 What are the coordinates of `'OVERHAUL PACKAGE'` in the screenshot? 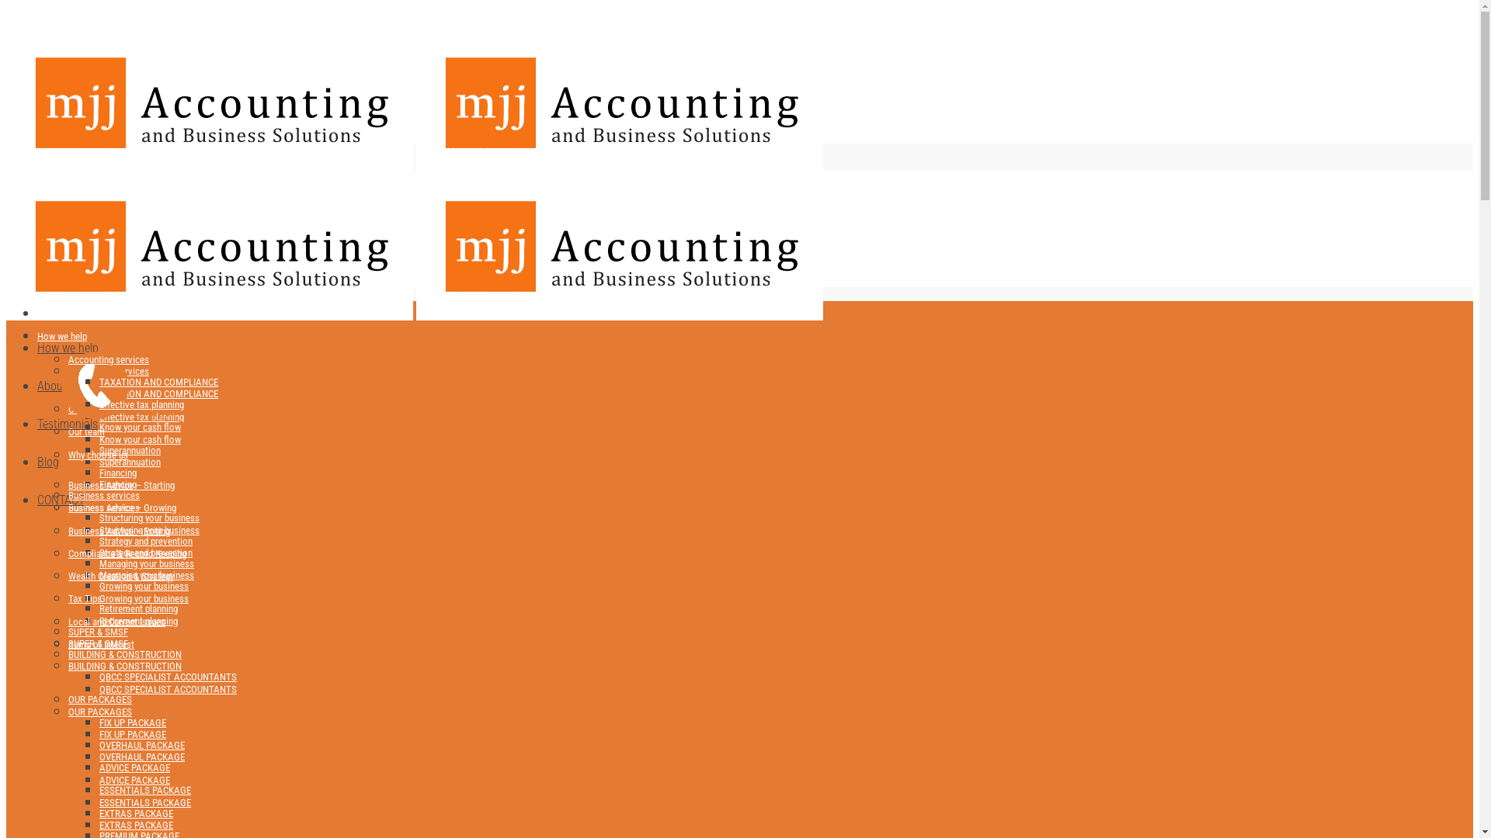 It's located at (141, 744).